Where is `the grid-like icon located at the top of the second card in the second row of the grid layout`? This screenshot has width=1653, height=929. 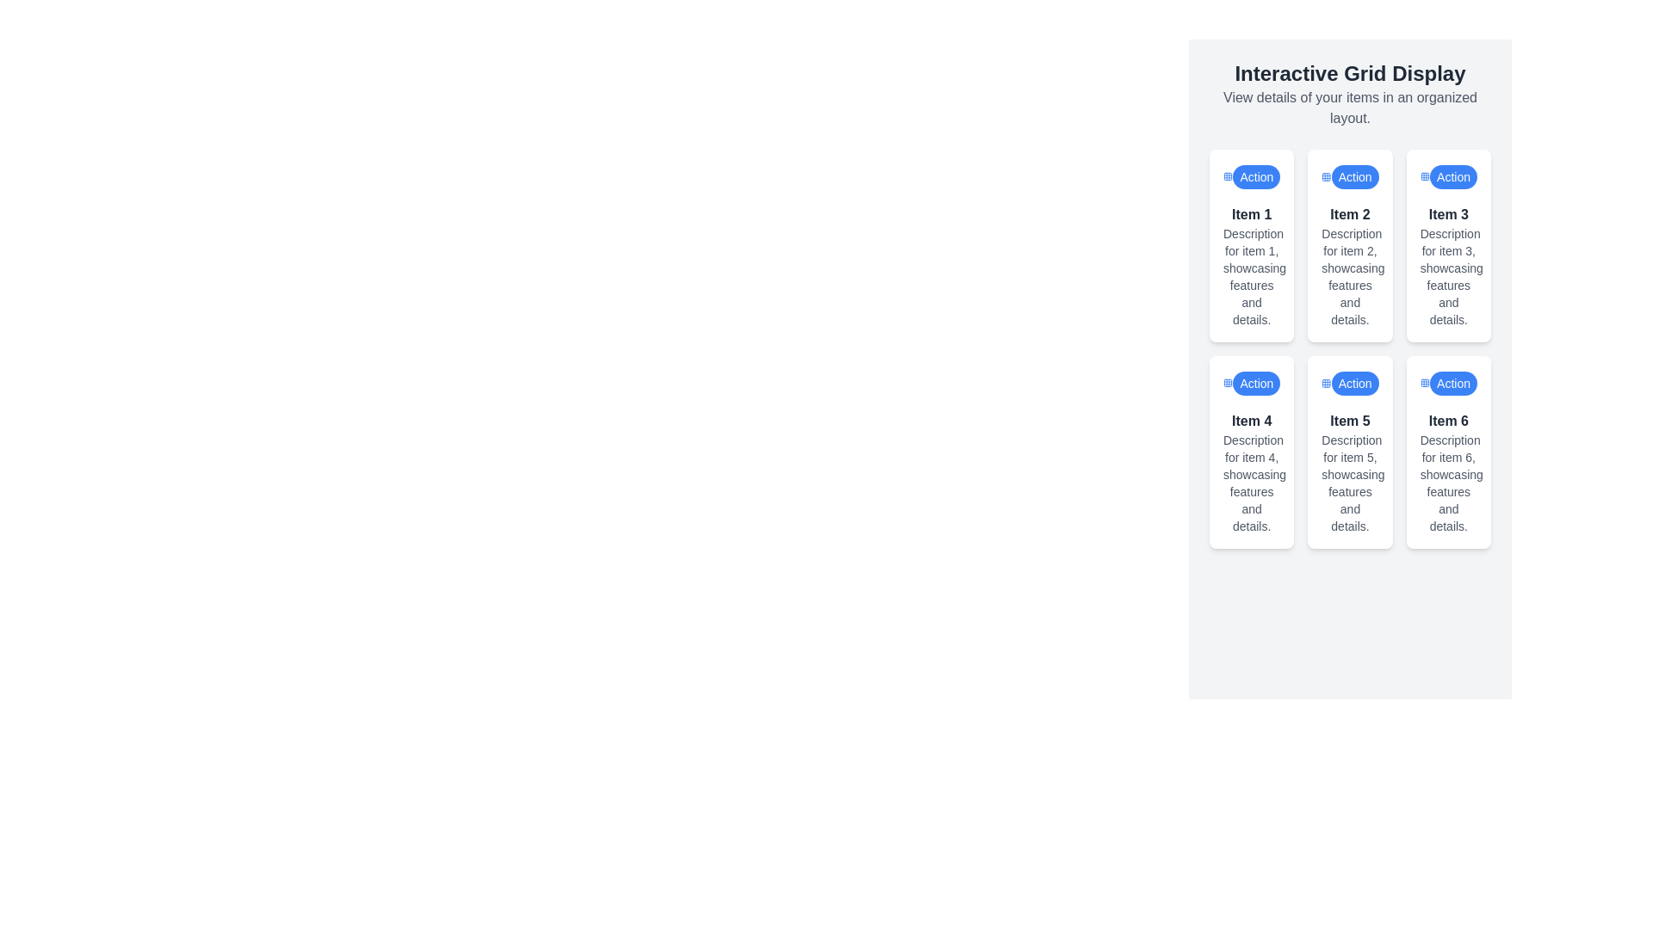
the grid-like icon located at the top of the second card in the second row of the grid layout is located at coordinates (1325, 176).